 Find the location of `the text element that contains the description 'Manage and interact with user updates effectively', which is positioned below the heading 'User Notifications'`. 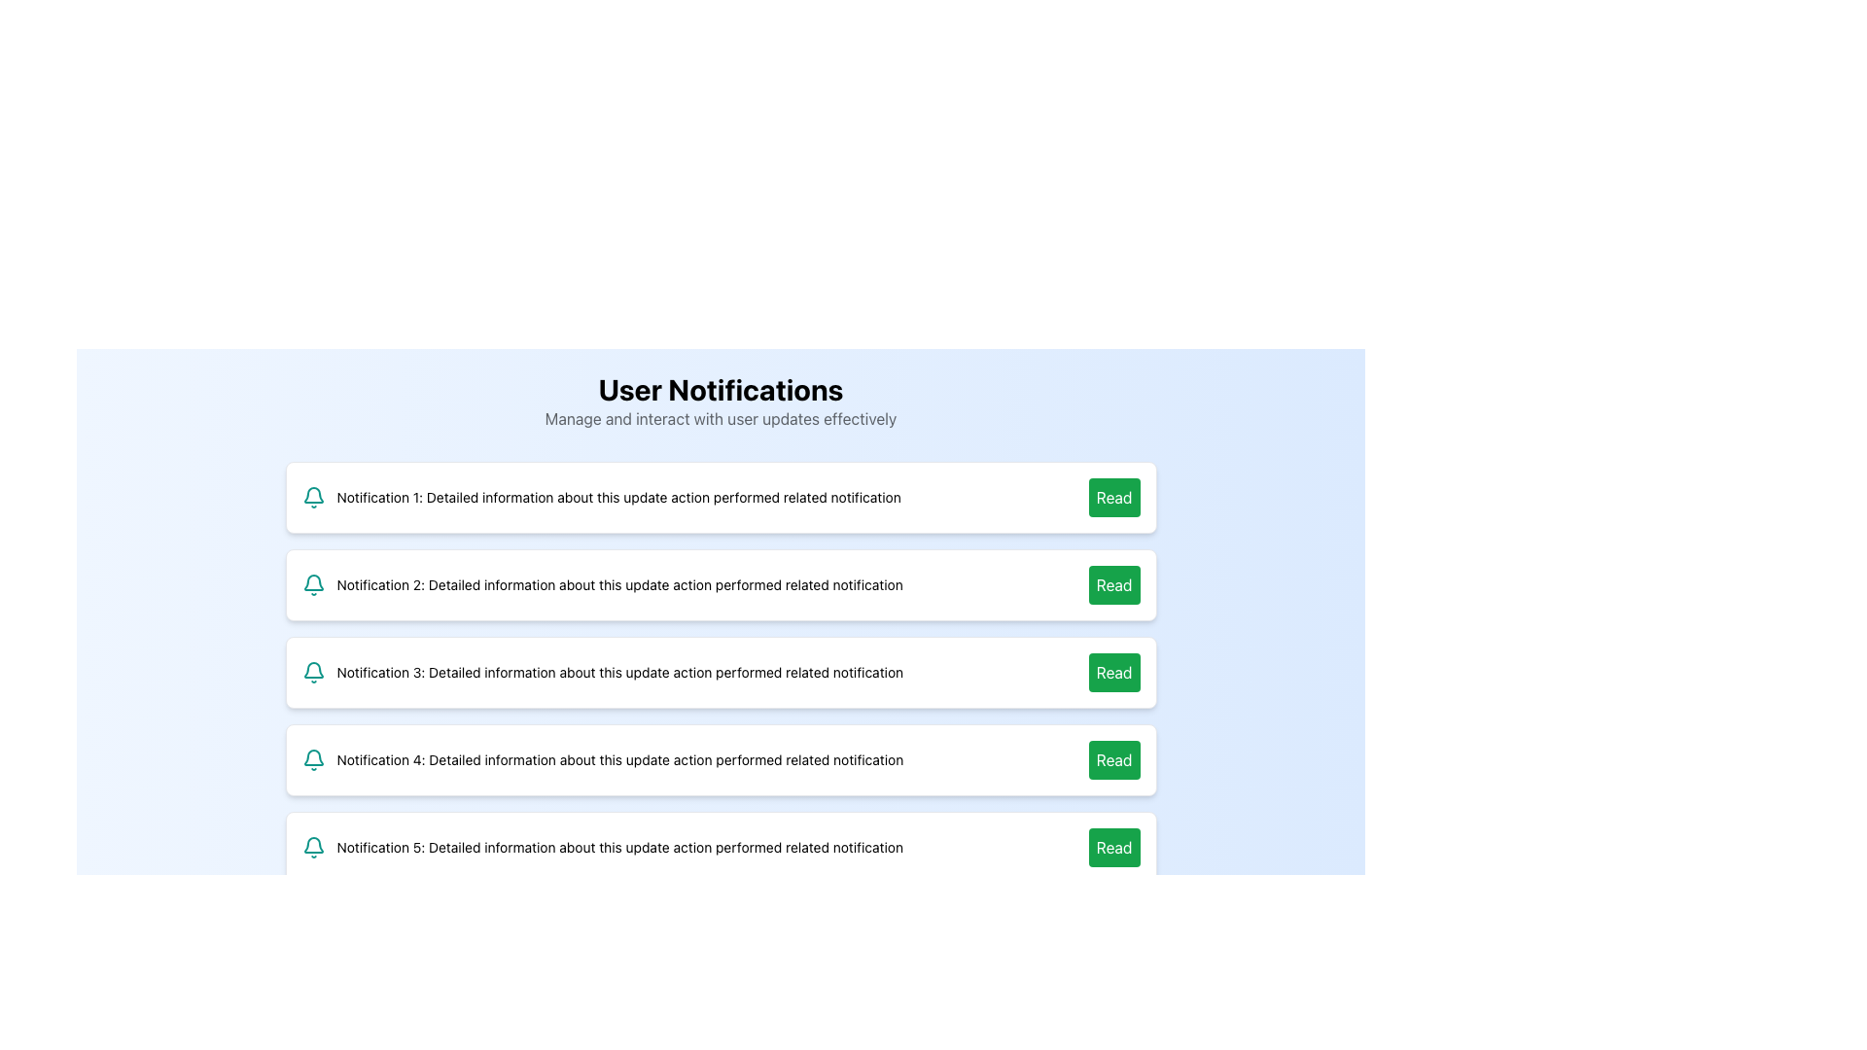

the text element that contains the description 'Manage and interact with user updates effectively', which is positioned below the heading 'User Notifications' is located at coordinates (720, 418).